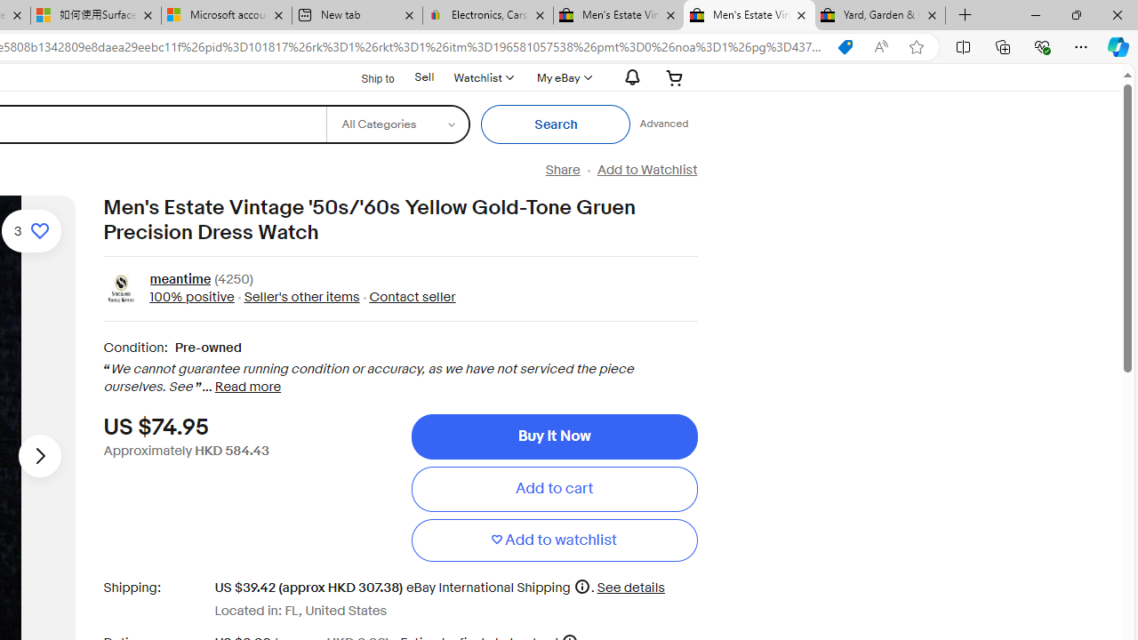 The width and height of the screenshot is (1138, 640). I want to click on 'Ship to', so click(365, 77).